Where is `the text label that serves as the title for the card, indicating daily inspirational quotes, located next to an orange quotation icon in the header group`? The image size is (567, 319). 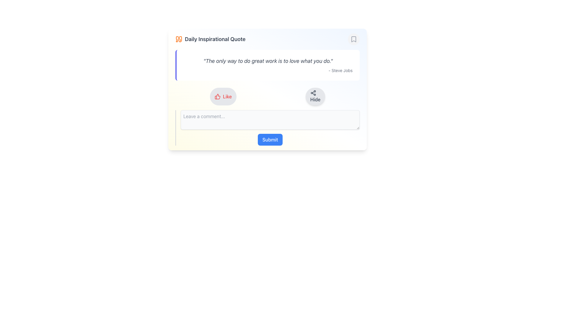
the text label that serves as the title for the card, indicating daily inspirational quotes, located next to an orange quotation icon in the header group is located at coordinates (215, 39).